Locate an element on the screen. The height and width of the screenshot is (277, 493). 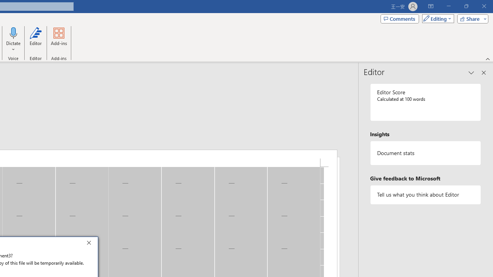
'Task Pane Options' is located at coordinates (471, 73).